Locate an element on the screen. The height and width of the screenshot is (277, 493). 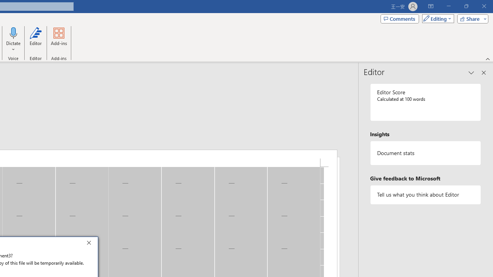
'Task Pane Options' is located at coordinates (471, 73).